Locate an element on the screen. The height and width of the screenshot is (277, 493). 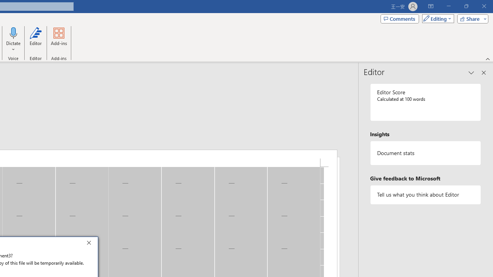
'Task Pane Options' is located at coordinates (471, 73).